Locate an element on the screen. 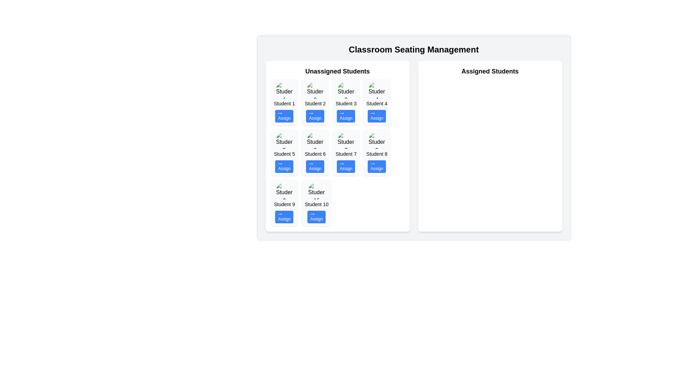  the text label identifying 'Student 8', which is located centrally within the card, positioned below the student's image and above the blue 'Assign' button is located at coordinates (376, 153).